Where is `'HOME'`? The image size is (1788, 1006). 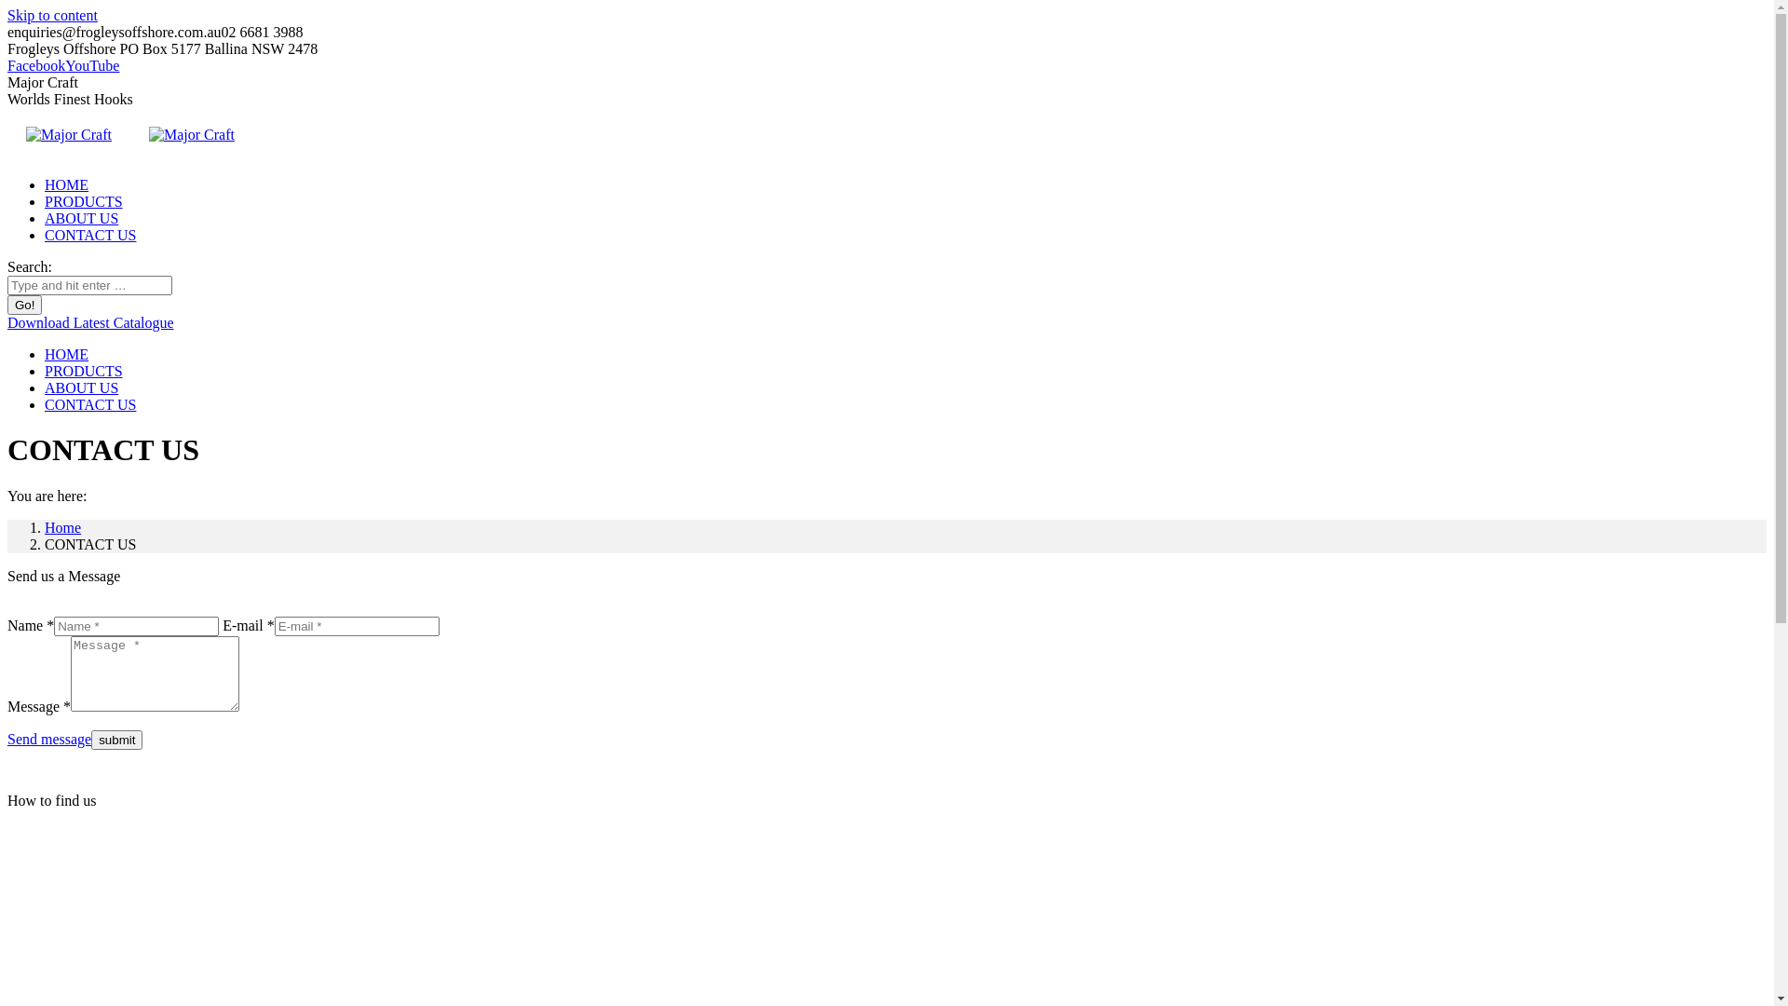 'HOME' is located at coordinates (66, 184).